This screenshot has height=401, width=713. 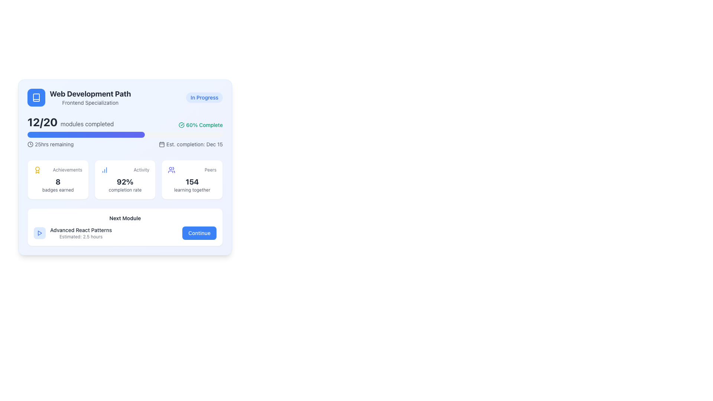 I want to click on the progress text label indicating 60% completion, located in the upper right section of the card-like layout, so click(x=204, y=124).